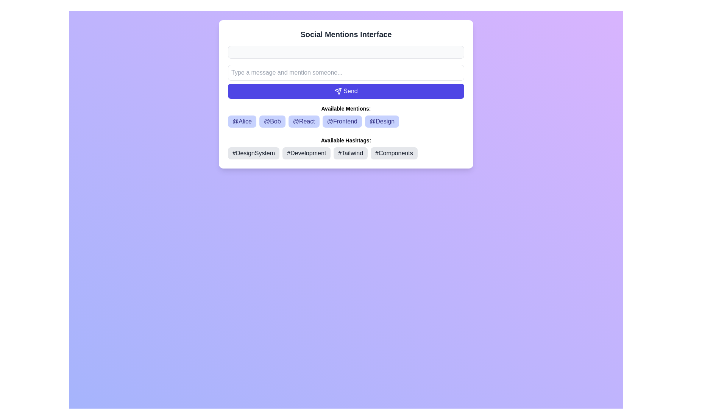 The image size is (727, 409). What do you see at coordinates (304, 121) in the screenshot?
I see `the clickable mention badge styled with a rounded rectangular appearance and text '@React'` at bounding box center [304, 121].